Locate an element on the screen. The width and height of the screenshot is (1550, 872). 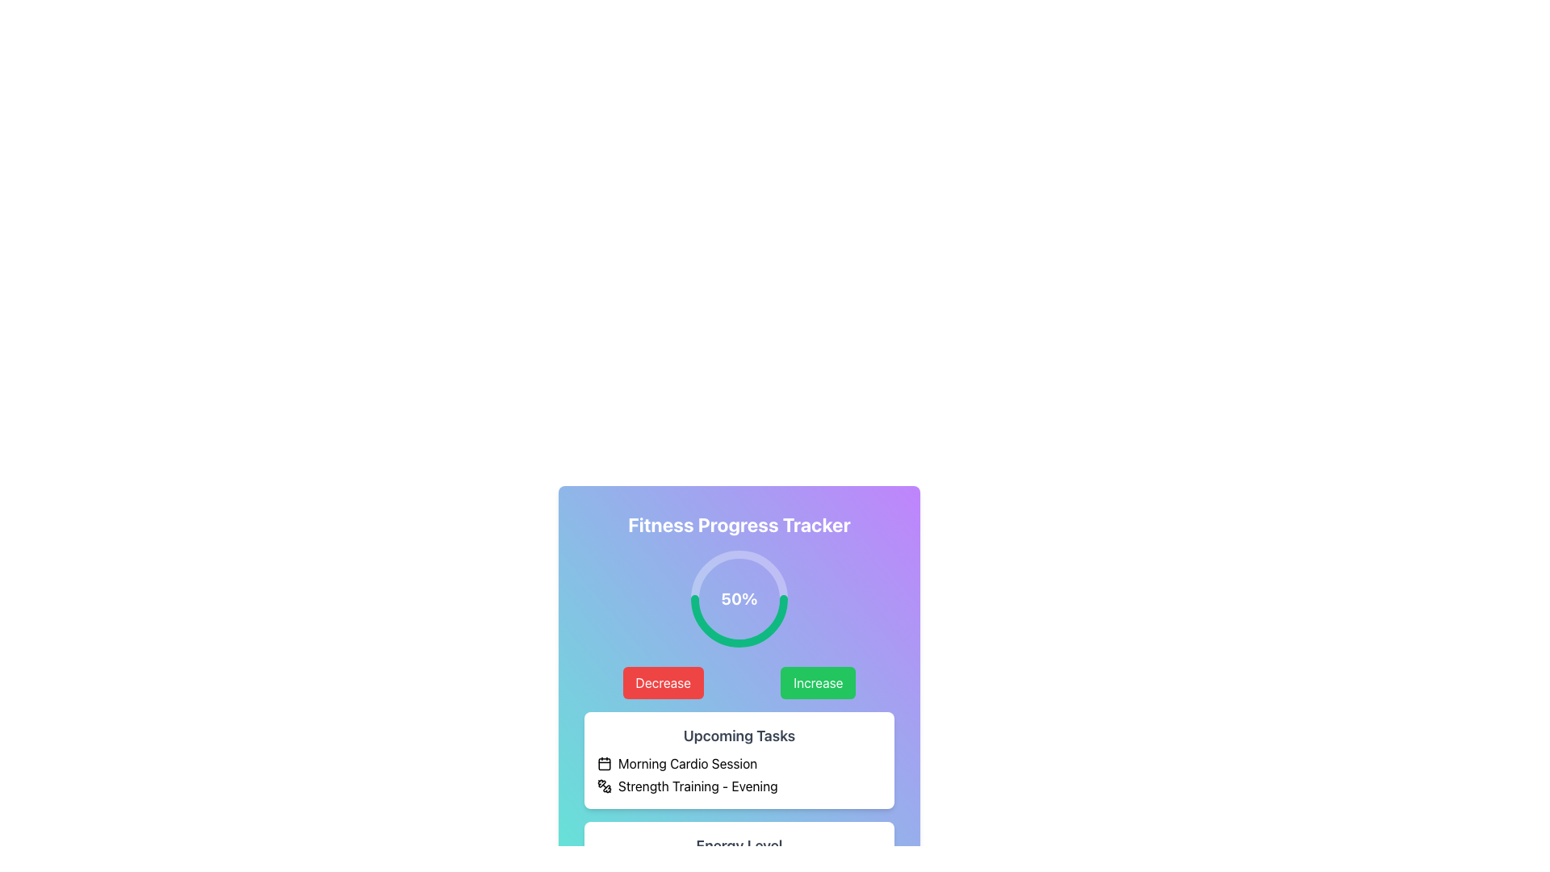
the Circular Progress Indicator located within the 'Fitness Progress Tracker' card, which visually represents progress or status level is located at coordinates (739, 598).